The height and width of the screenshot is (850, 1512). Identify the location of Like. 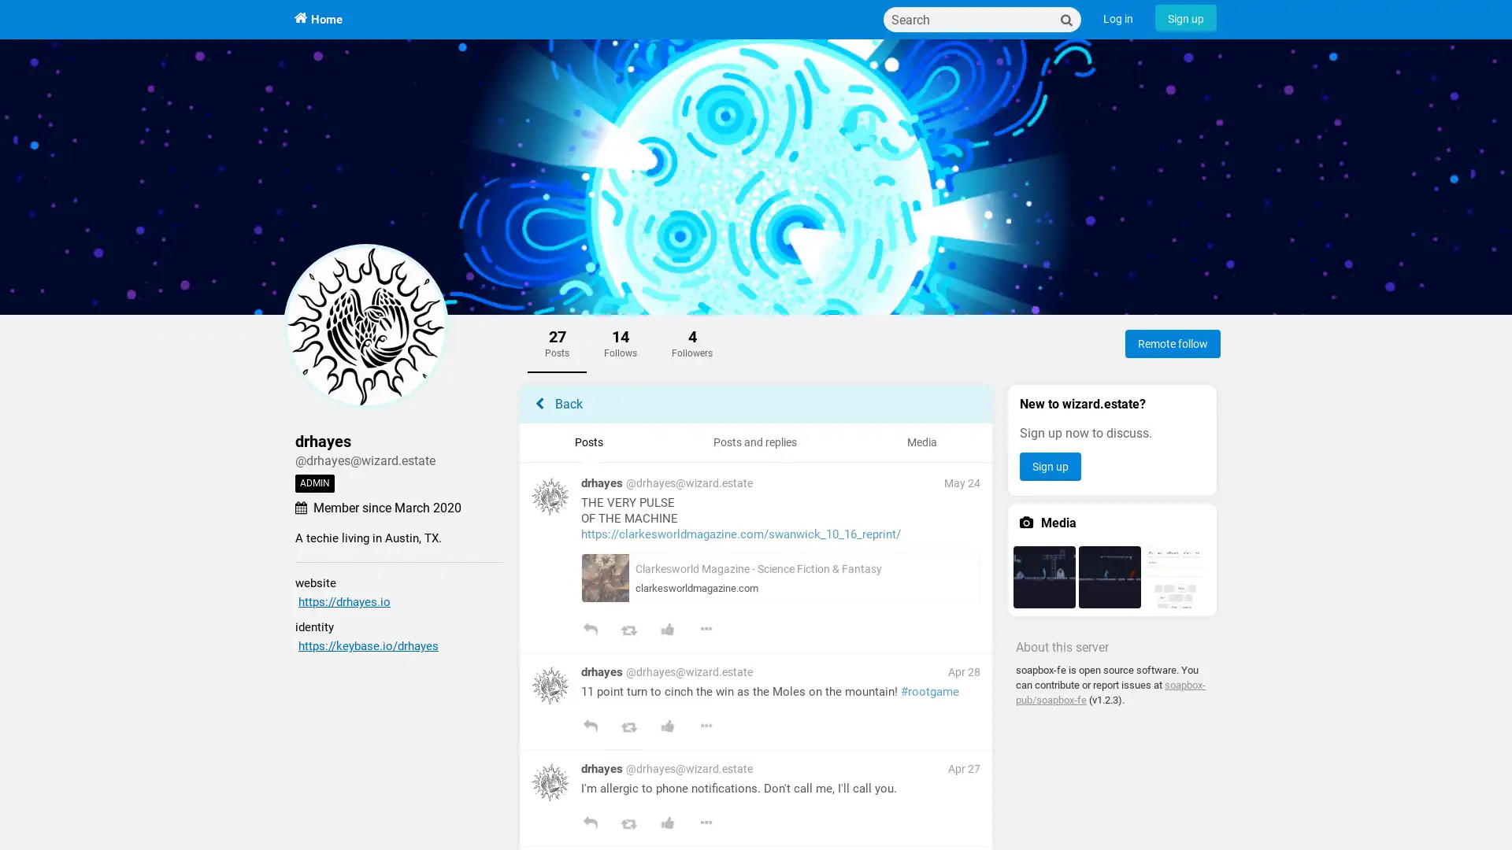
(667, 728).